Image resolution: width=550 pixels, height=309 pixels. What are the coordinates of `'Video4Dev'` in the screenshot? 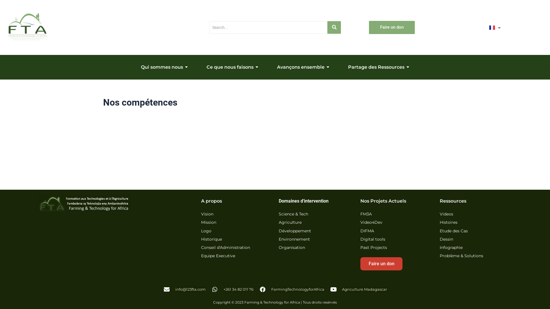 It's located at (371, 222).